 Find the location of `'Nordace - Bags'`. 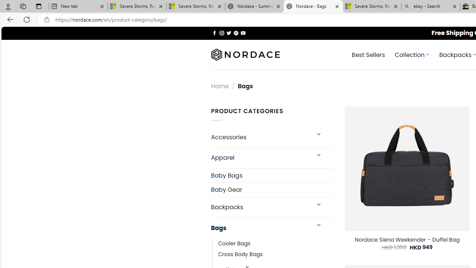

'Nordace - Bags' is located at coordinates (313, 6).